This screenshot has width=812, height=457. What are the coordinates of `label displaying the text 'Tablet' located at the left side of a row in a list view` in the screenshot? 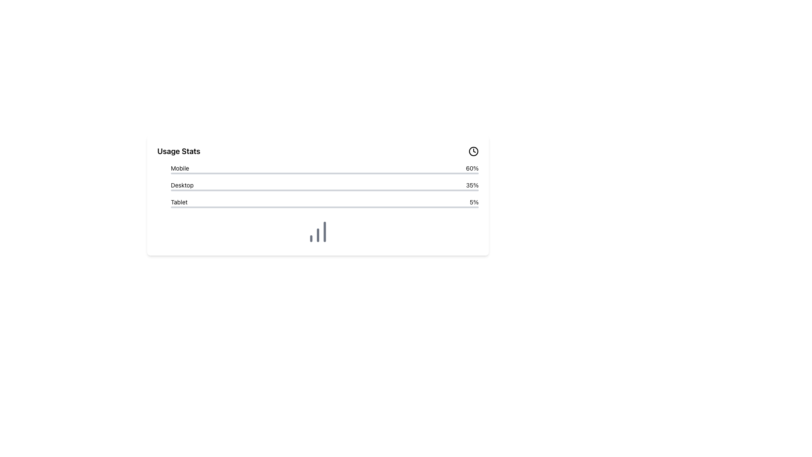 It's located at (178, 202).